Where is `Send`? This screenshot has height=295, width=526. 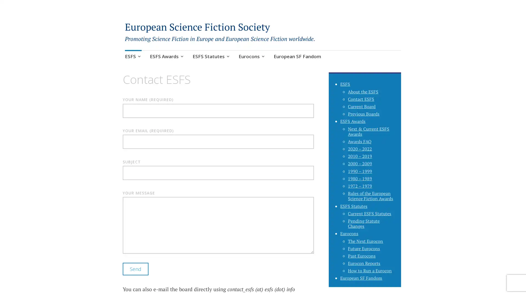
Send is located at coordinates (135, 273).